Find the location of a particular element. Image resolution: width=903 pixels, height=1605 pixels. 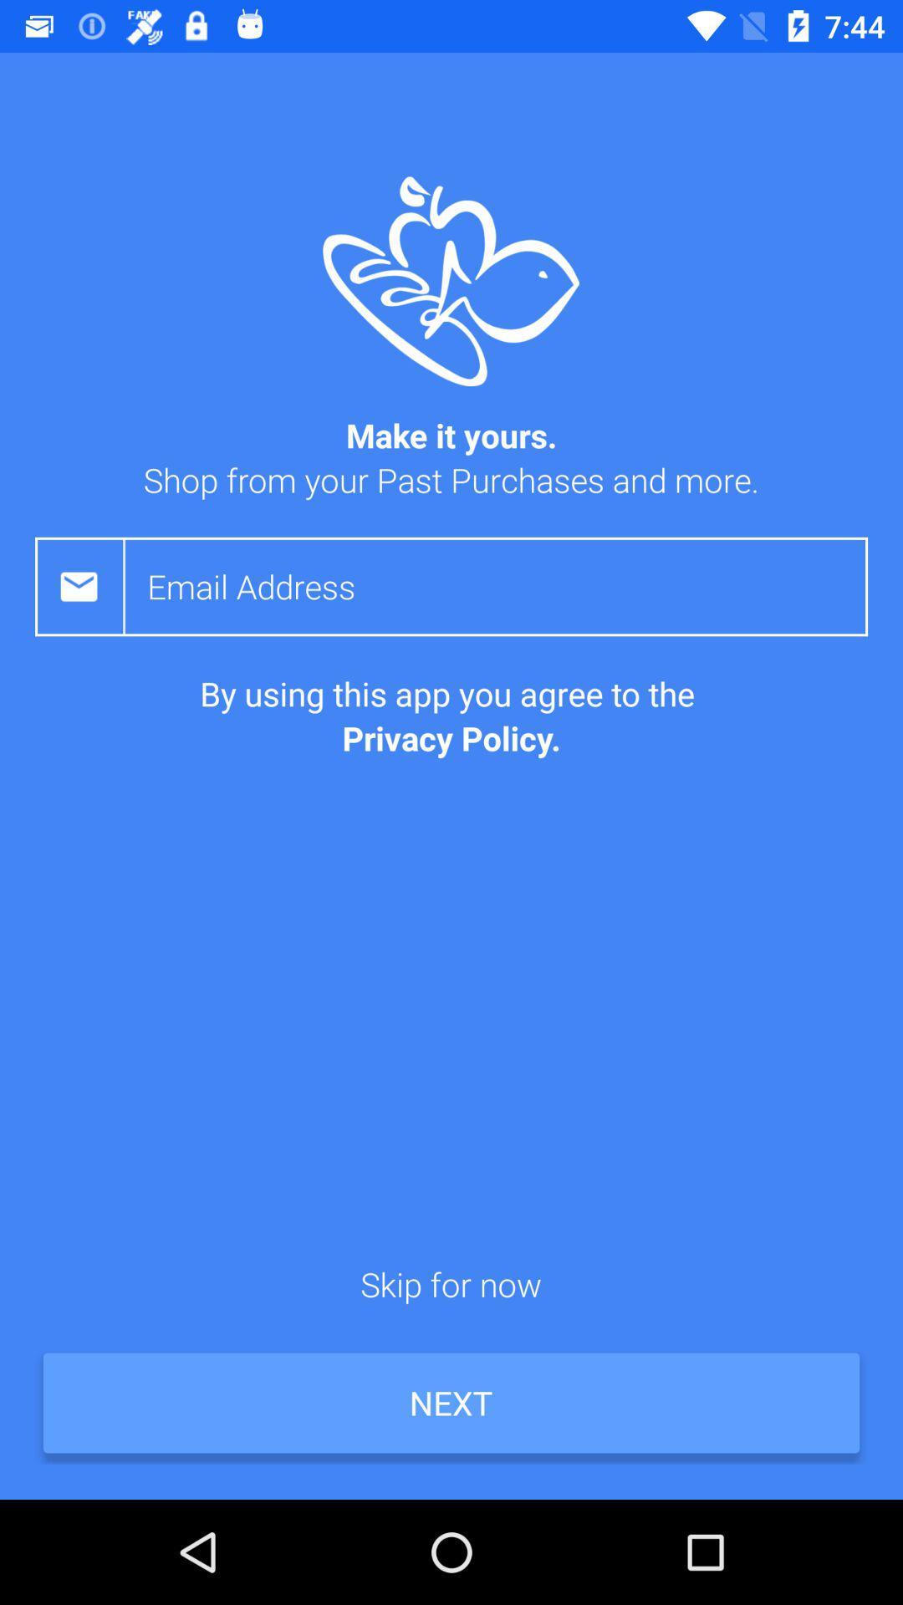

email address is located at coordinates (507, 586).